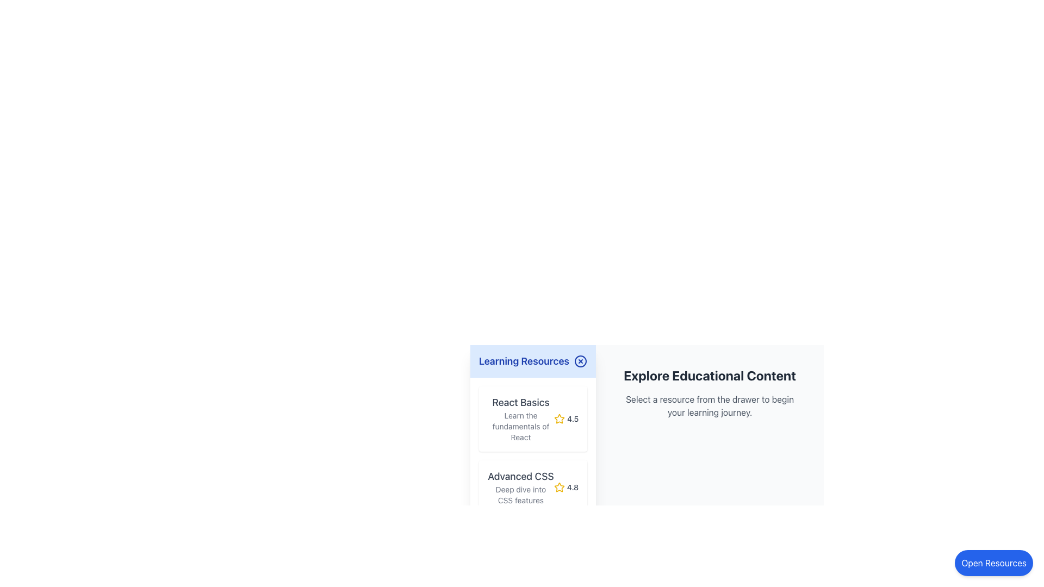 This screenshot has height=587, width=1044. Describe the element at coordinates (520, 426) in the screenshot. I see `the text label that reads 'Learn the fundamentals of React', which is located in the 'Learning Resources' sidebar, beneath the 'React Basics' header` at that location.